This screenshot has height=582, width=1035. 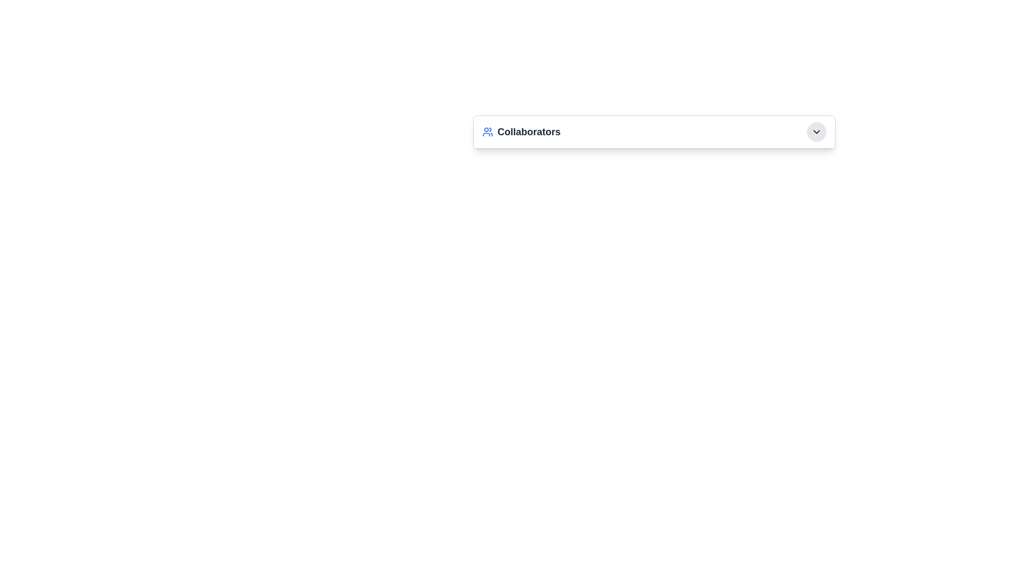 What do you see at coordinates (521, 131) in the screenshot?
I see `the text label 'Collaborators' which is styled in bold and accompanied by an icon of two user figures in blue, located towards the left side of the horizontal bar` at bounding box center [521, 131].